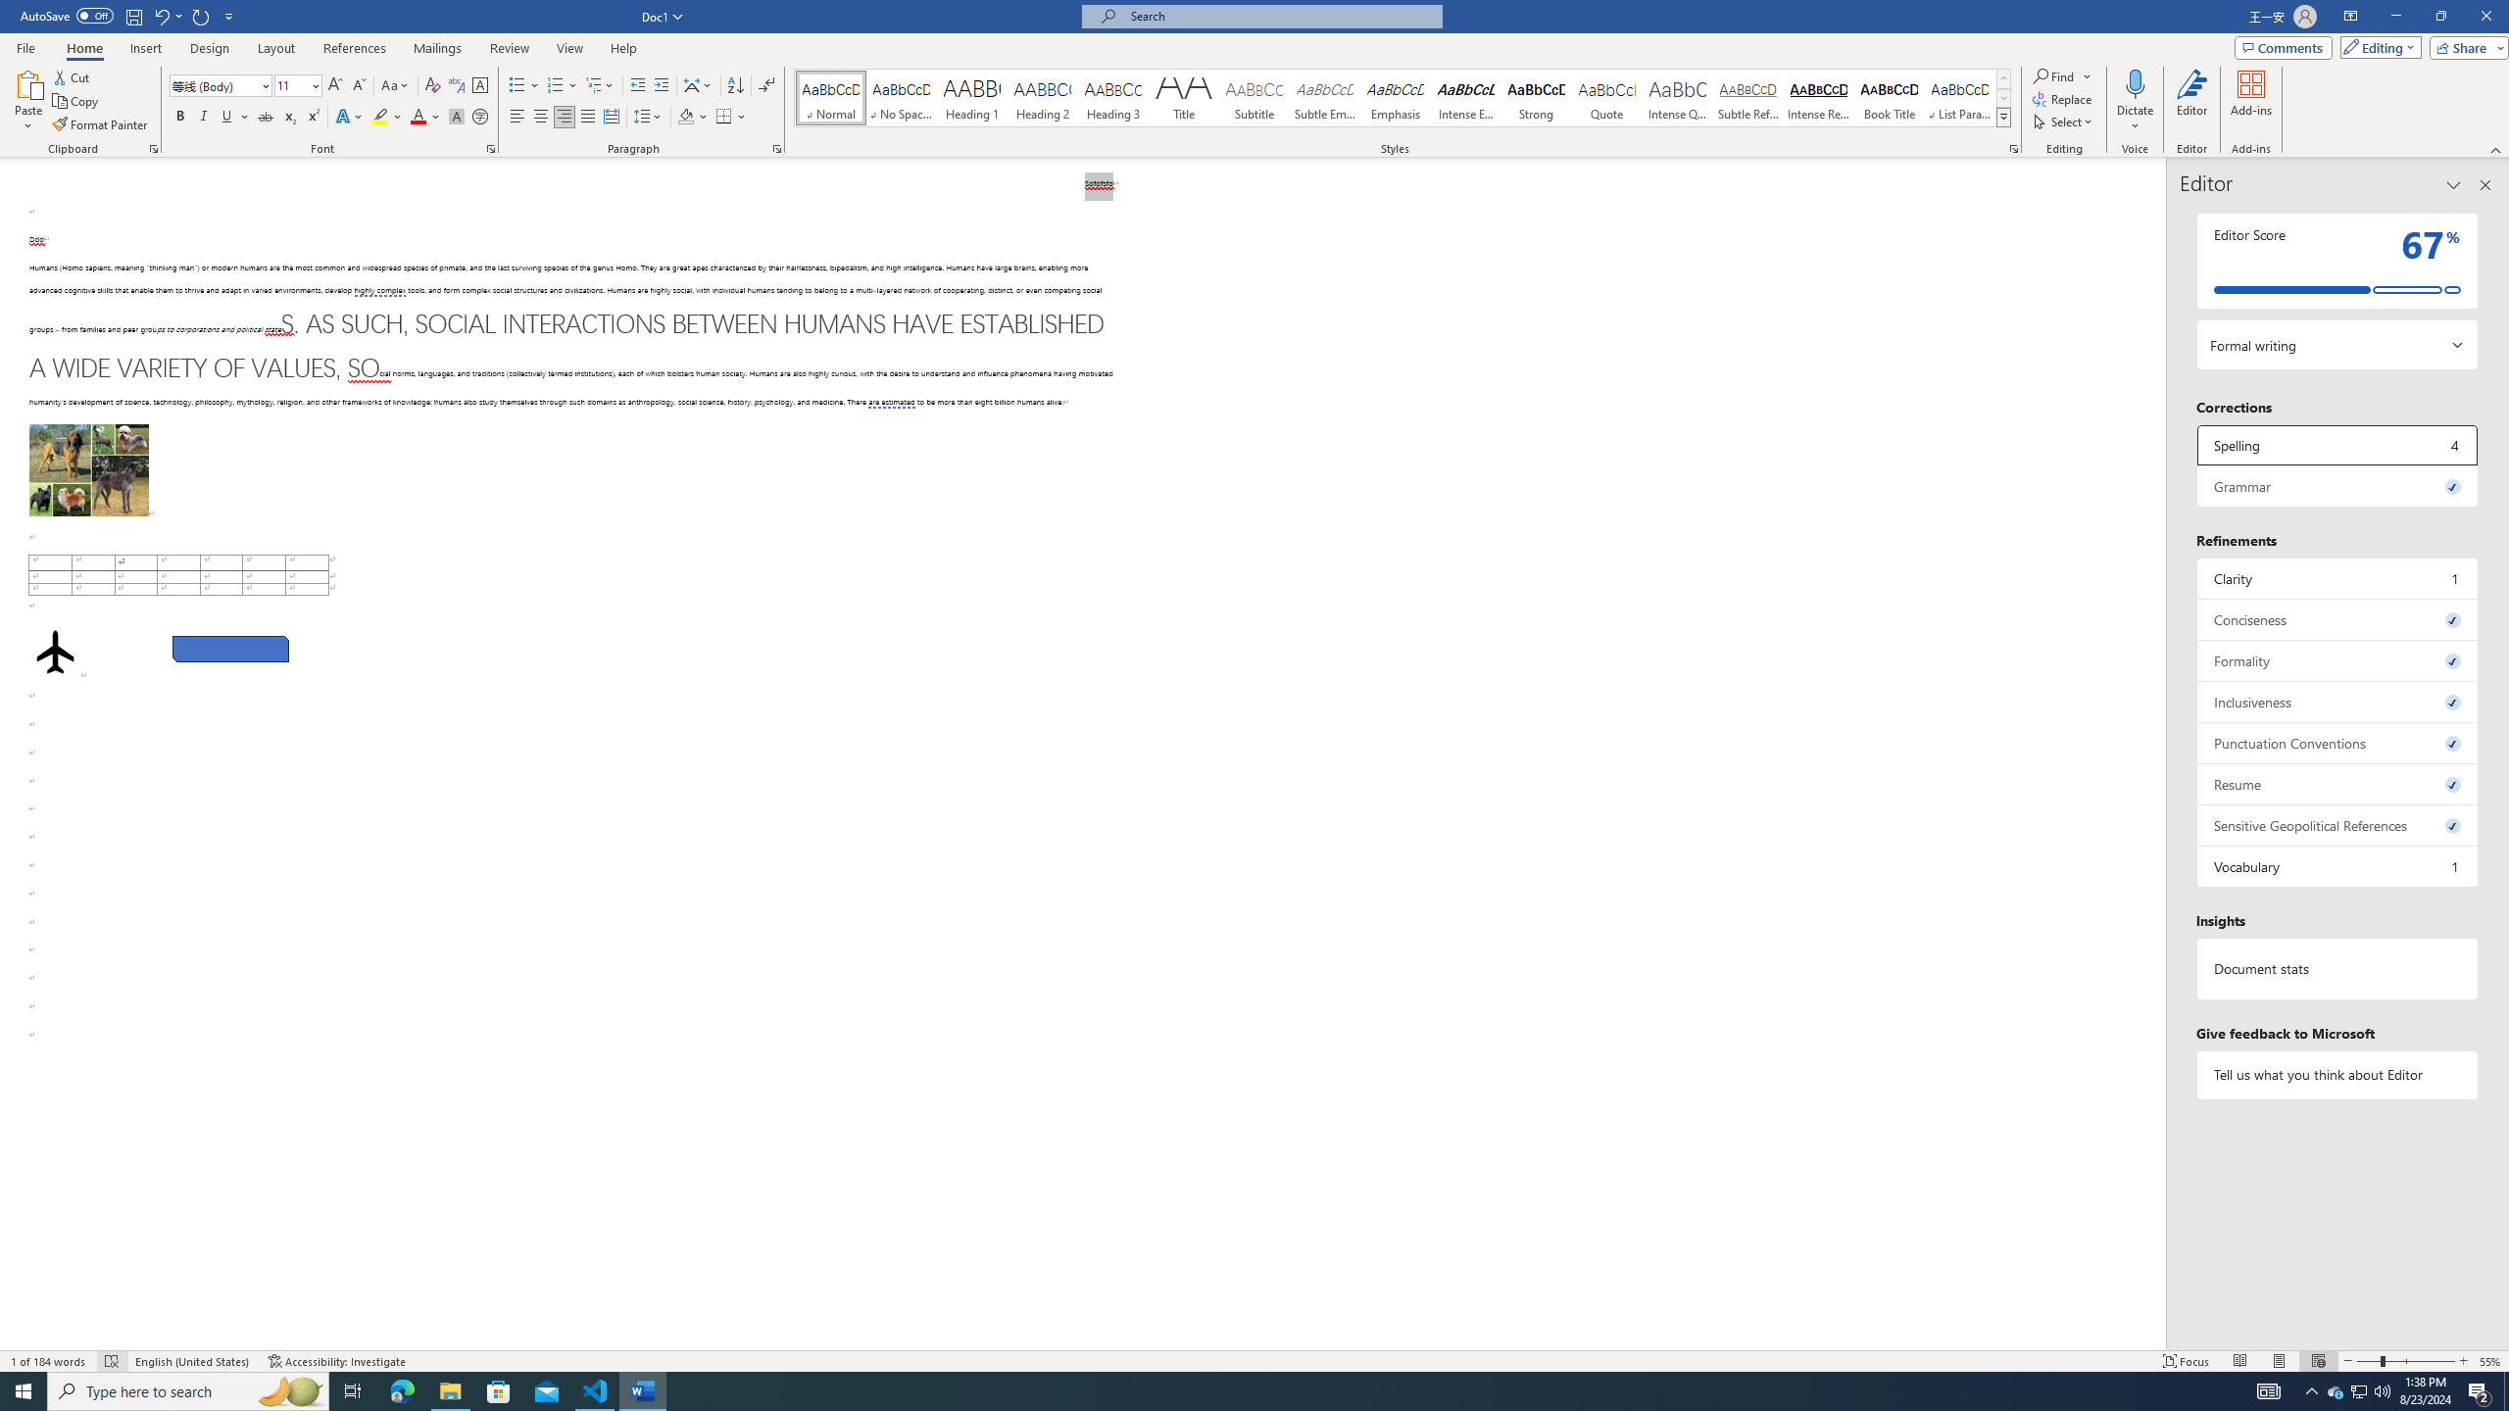  What do you see at coordinates (2337, 660) in the screenshot?
I see `'Formality, 0 issues. Press space or enter to review items.'` at bounding box center [2337, 660].